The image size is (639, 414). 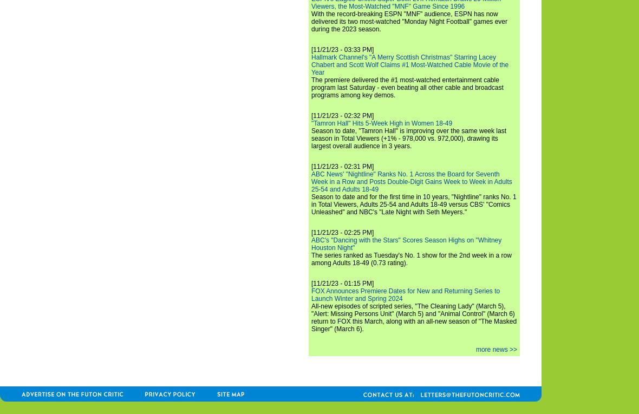 I want to click on '[11/21/23 - 02:25 PM]', so click(x=342, y=232).